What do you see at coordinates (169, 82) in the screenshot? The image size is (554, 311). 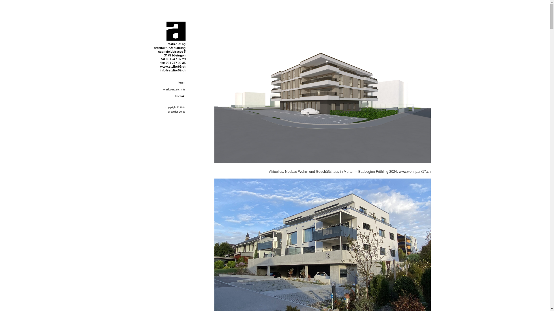 I see `'team'` at bounding box center [169, 82].